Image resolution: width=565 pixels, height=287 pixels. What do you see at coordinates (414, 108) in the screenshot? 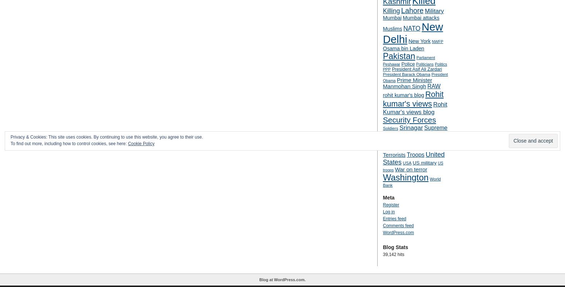
I see `'Rohit Kumar's views blog'` at bounding box center [414, 108].